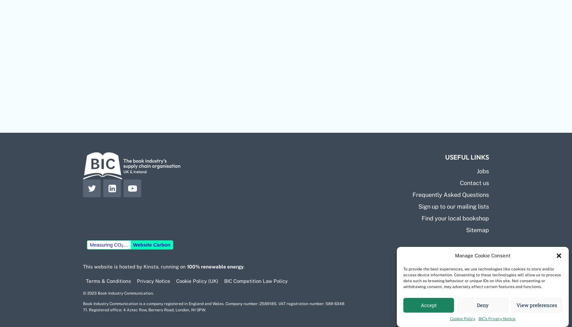 This screenshot has height=327, width=572. What do you see at coordinates (172, 266) in the screenshot?
I see `', running on'` at bounding box center [172, 266].